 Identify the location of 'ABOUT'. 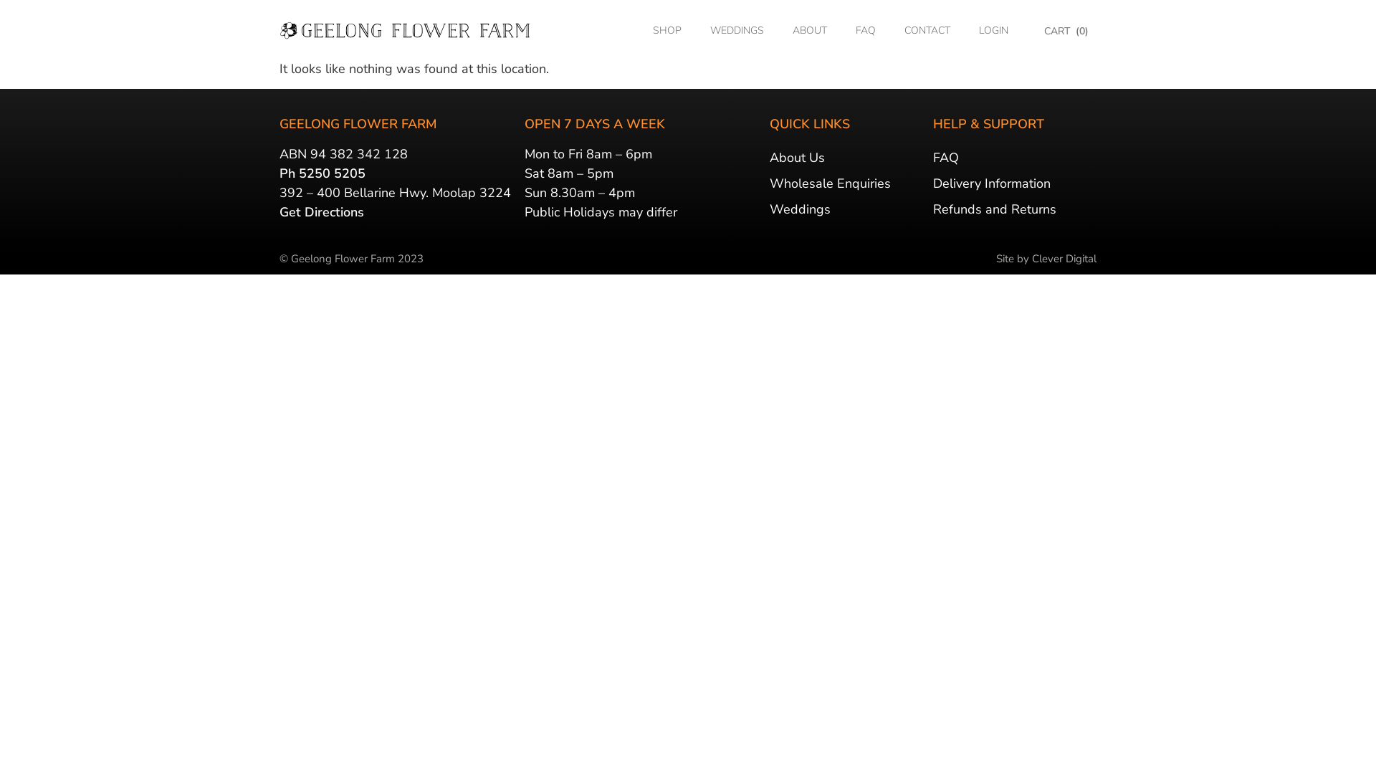
(777, 30).